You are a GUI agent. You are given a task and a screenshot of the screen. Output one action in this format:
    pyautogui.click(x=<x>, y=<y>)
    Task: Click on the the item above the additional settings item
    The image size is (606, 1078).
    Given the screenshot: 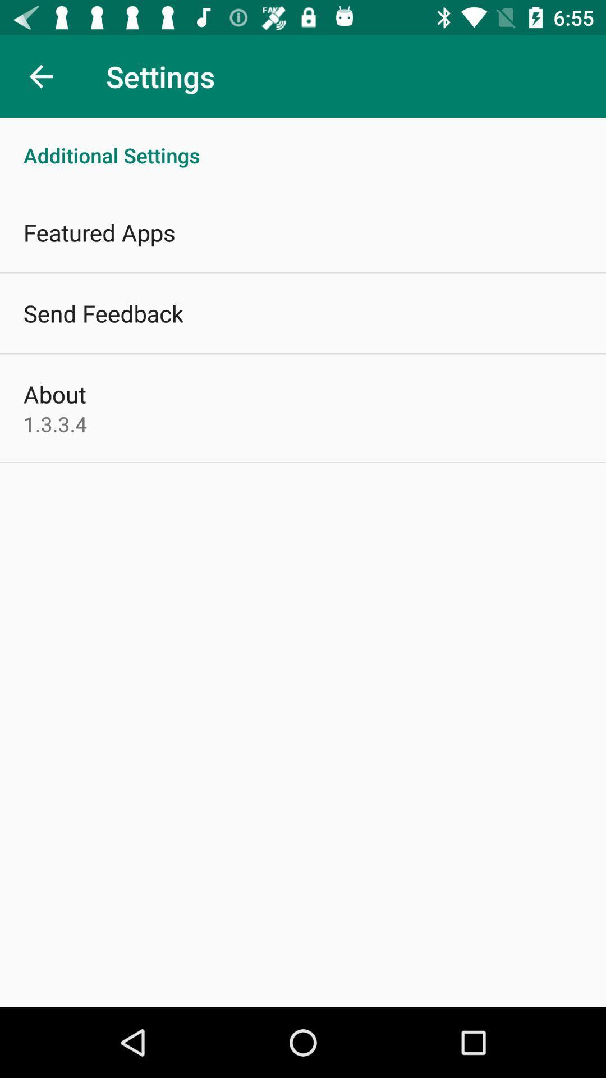 What is the action you would take?
    pyautogui.click(x=40, y=76)
    